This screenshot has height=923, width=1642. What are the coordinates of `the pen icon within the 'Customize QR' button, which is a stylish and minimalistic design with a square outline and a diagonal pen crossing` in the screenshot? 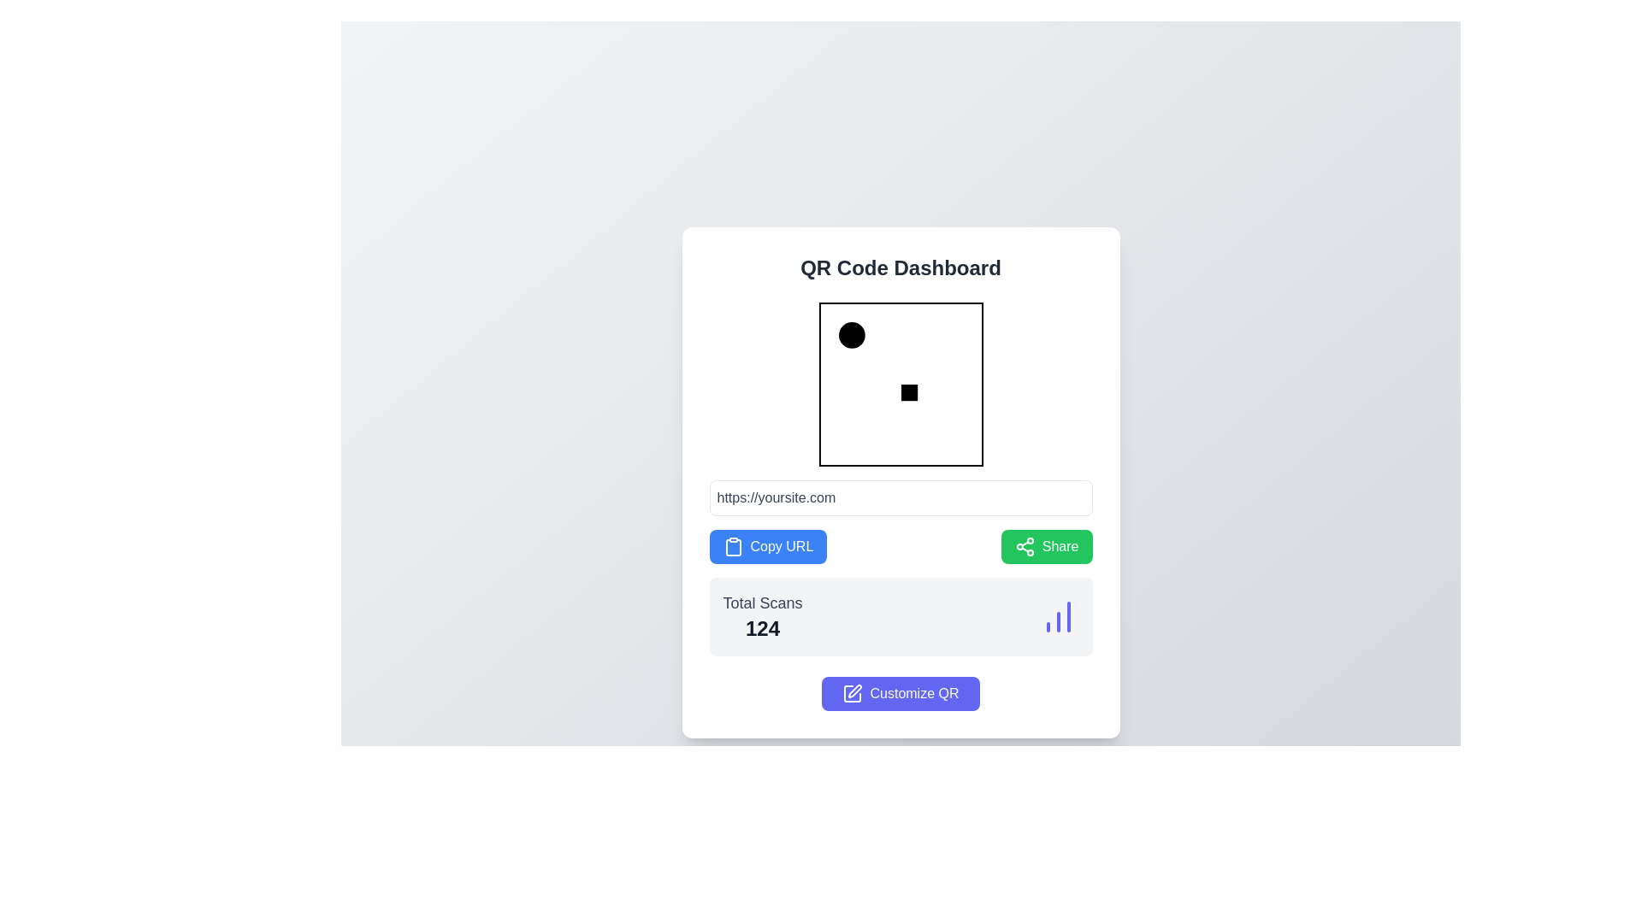 It's located at (853, 694).